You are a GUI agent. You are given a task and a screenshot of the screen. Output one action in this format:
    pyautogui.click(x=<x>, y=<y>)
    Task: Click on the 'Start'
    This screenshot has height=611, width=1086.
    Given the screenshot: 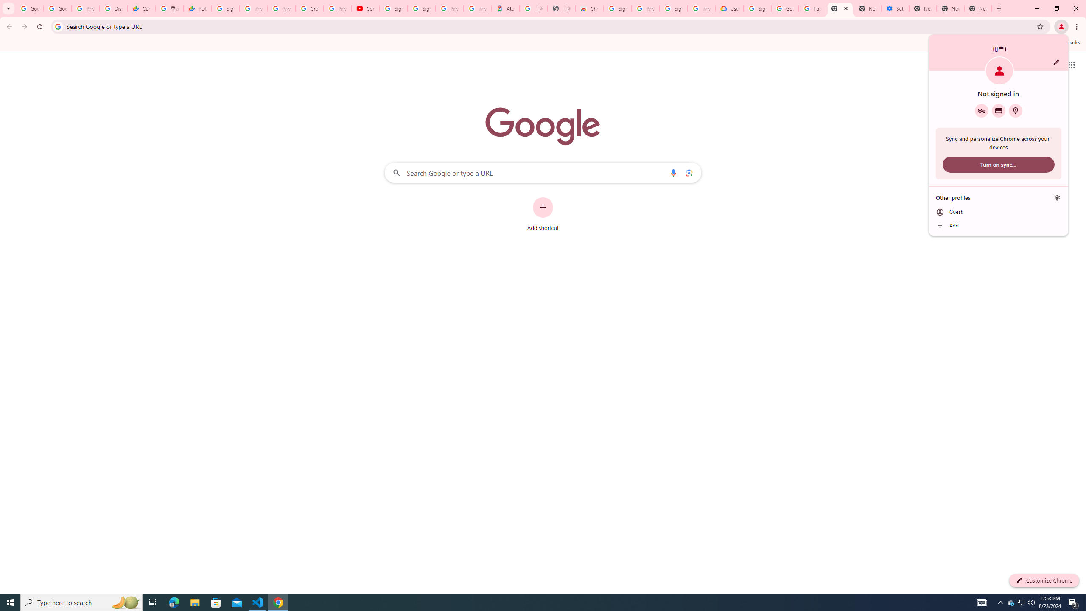 What is the action you would take?
    pyautogui.click(x=10, y=602)
    